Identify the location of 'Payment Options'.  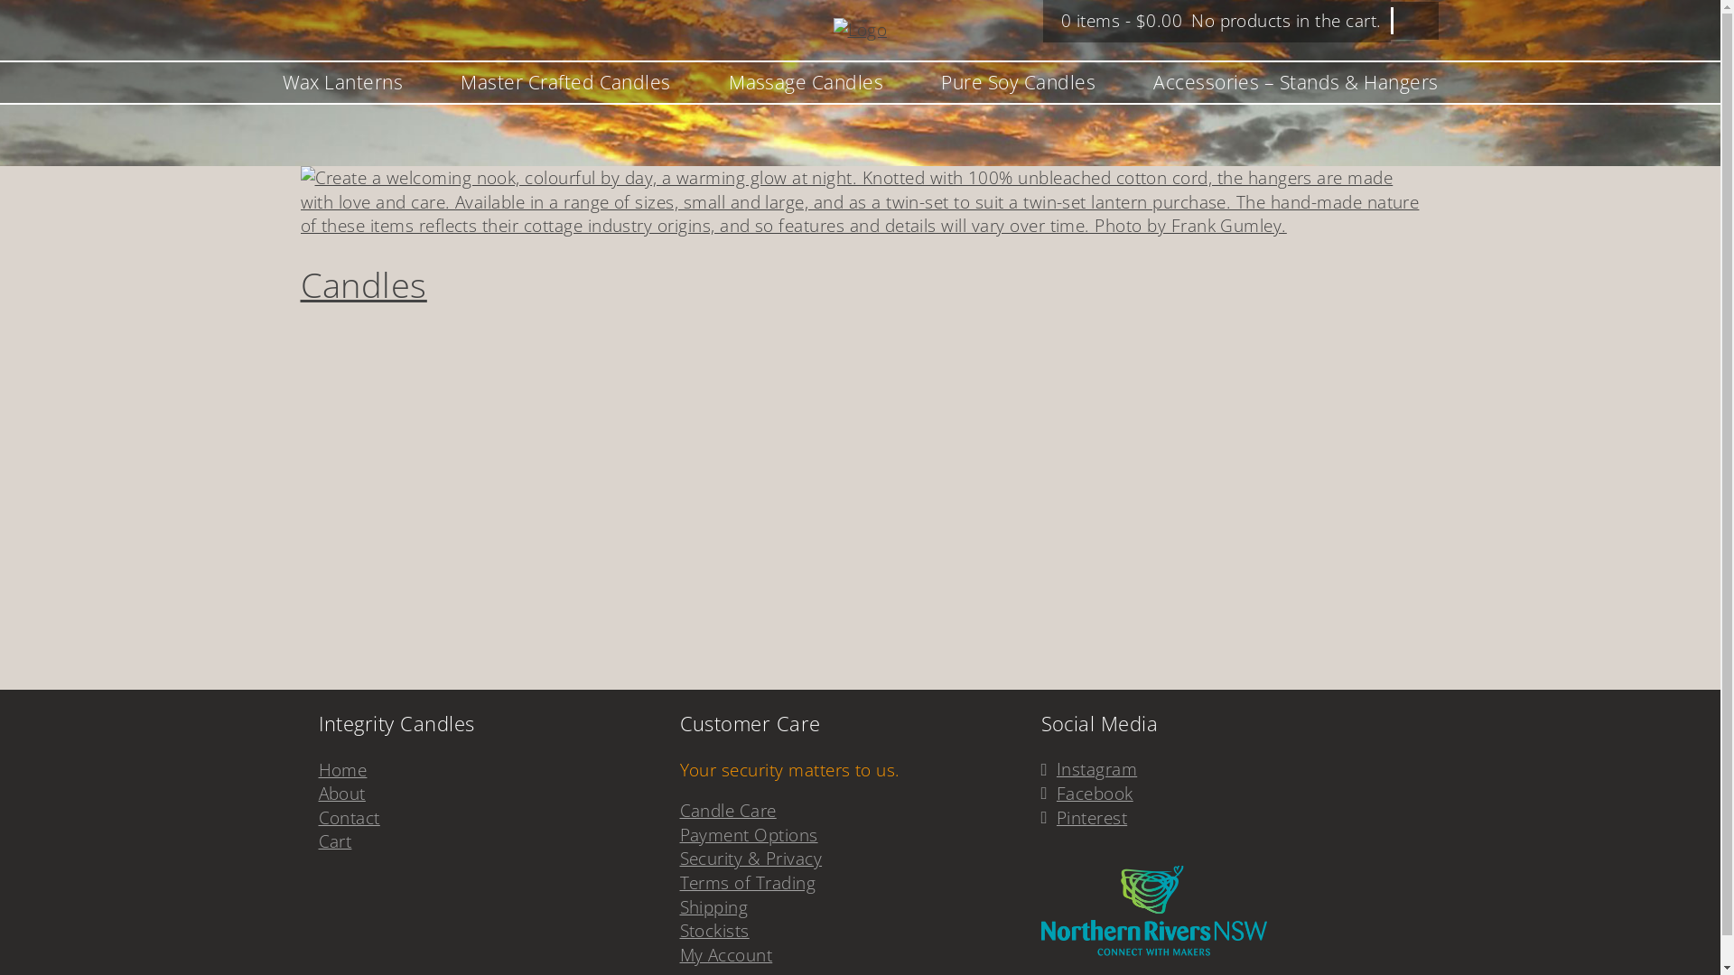
(748, 835).